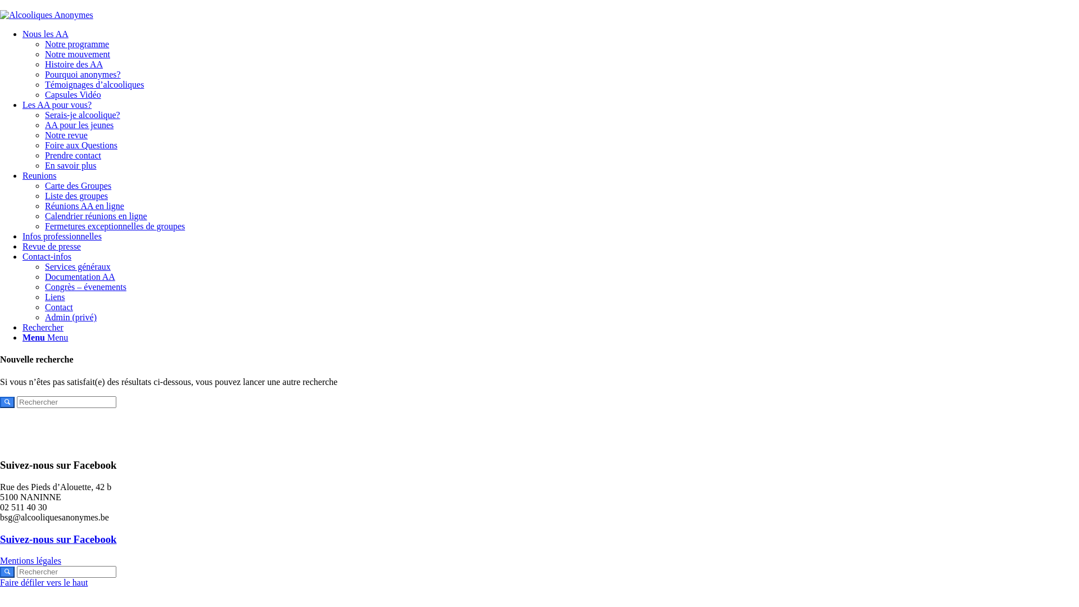 Image resolution: width=1079 pixels, height=607 pixels. What do you see at coordinates (73, 64) in the screenshot?
I see `'Histoire des AA'` at bounding box center [73, 64].